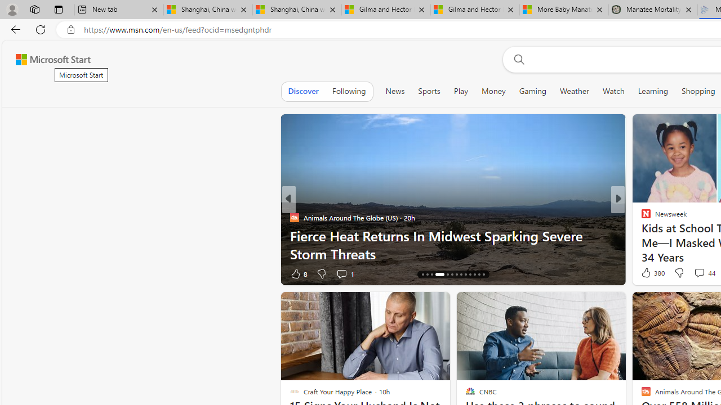 The height and width of the screenshot is (405, 721). I want to click on 'AutomationID: tab-22', so click(465, 274).